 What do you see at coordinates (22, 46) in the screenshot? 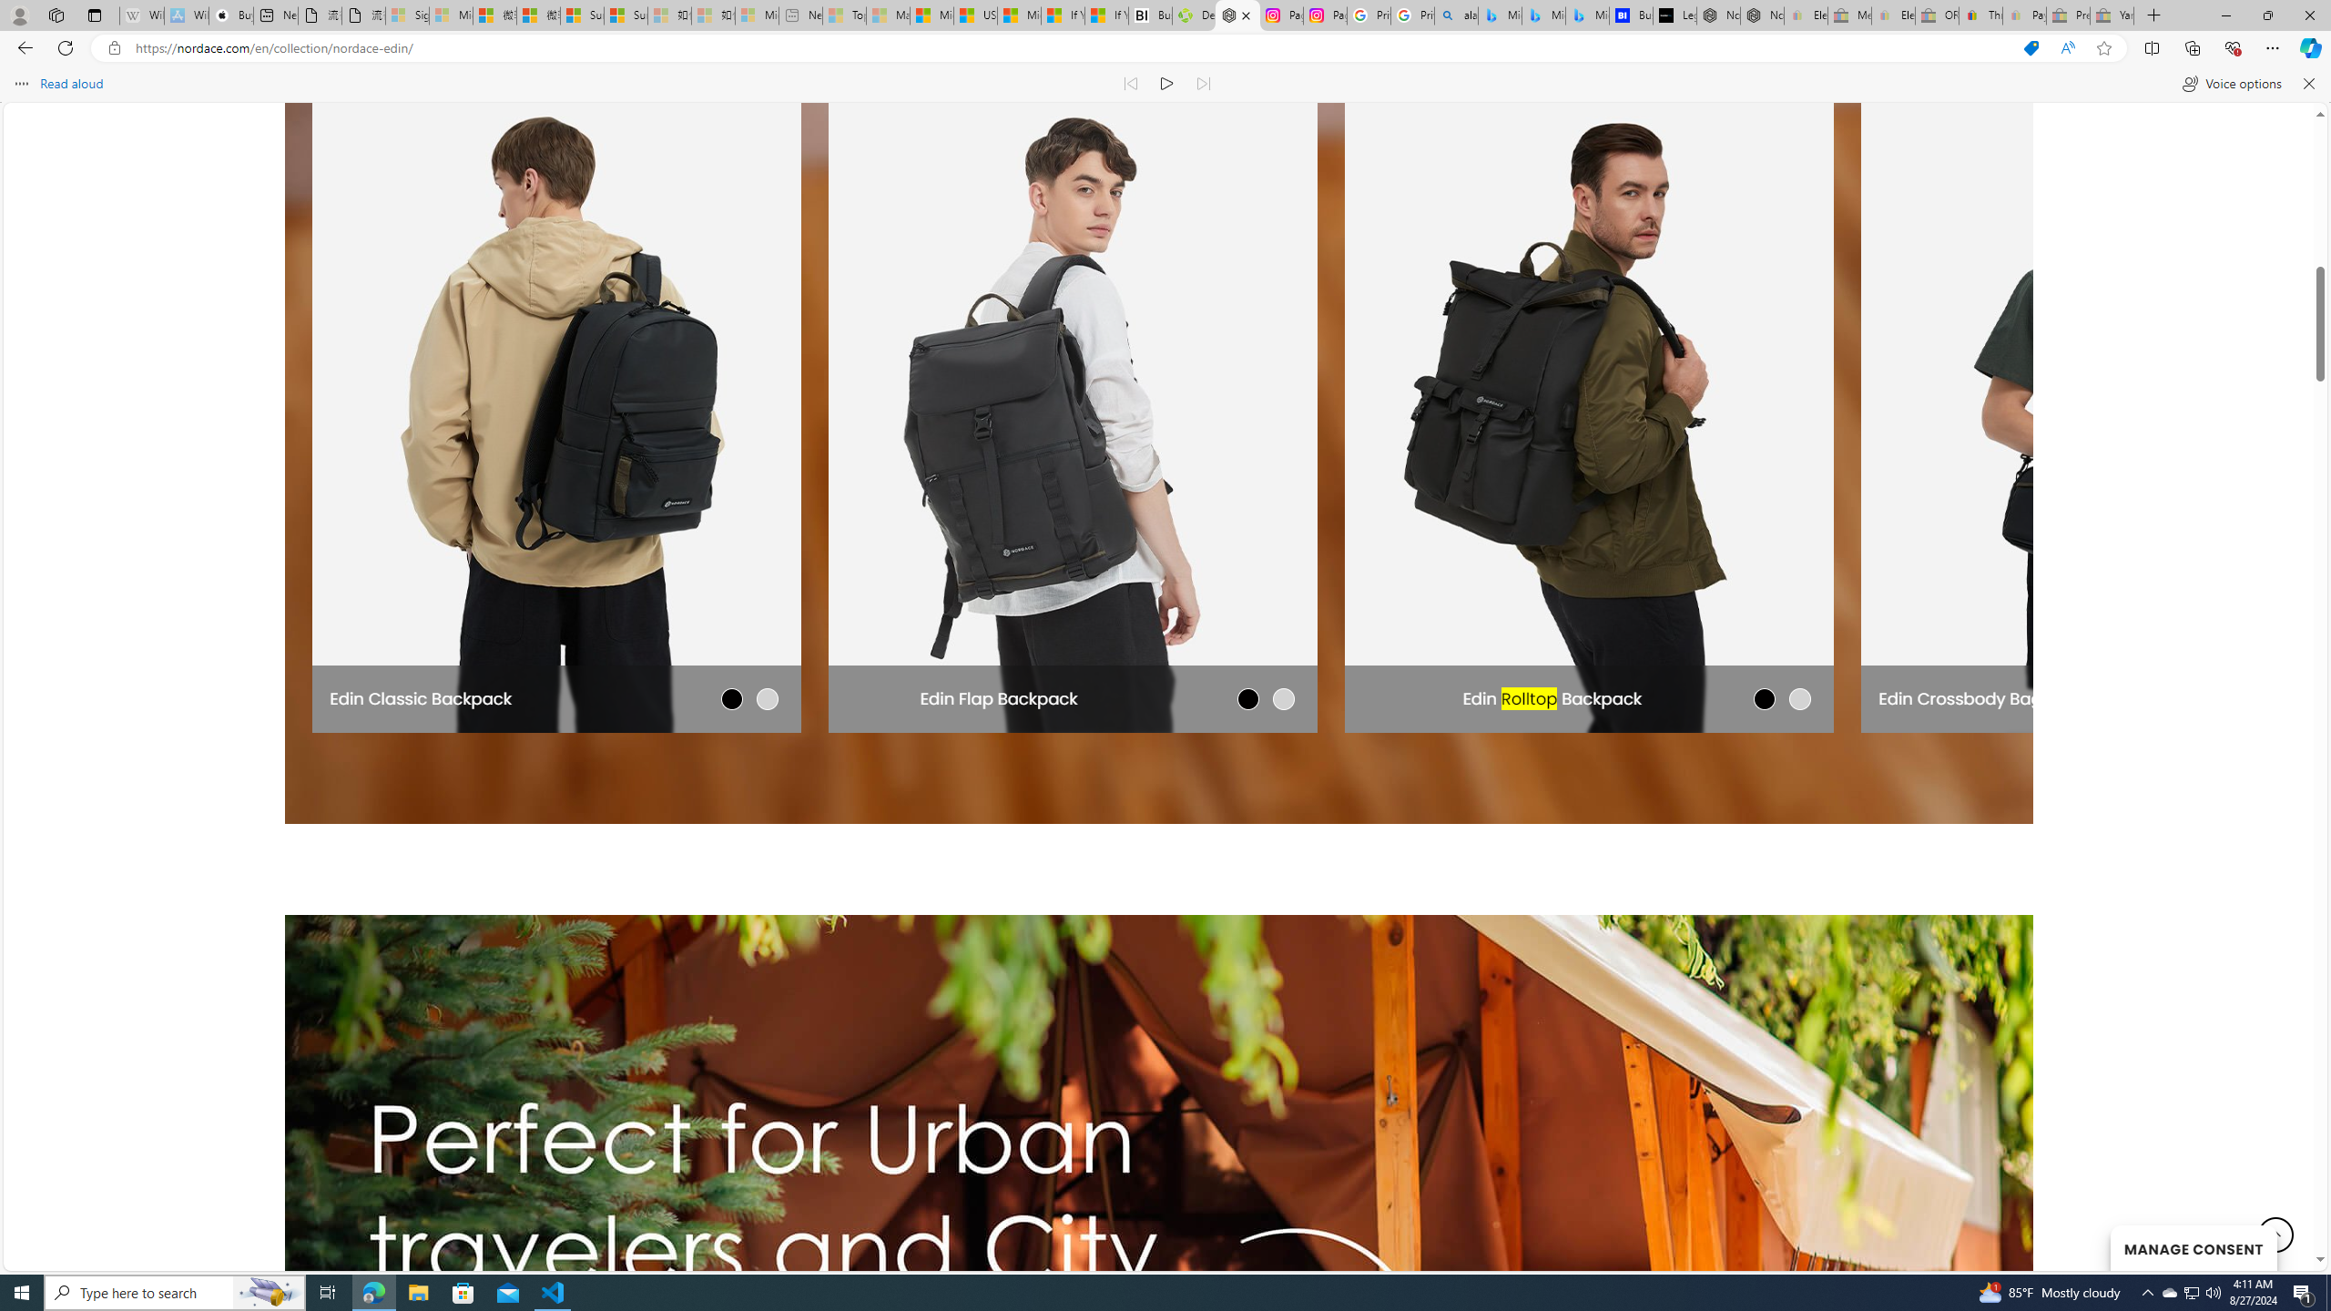
I see `'Back'` at bounding box center [22, 46].